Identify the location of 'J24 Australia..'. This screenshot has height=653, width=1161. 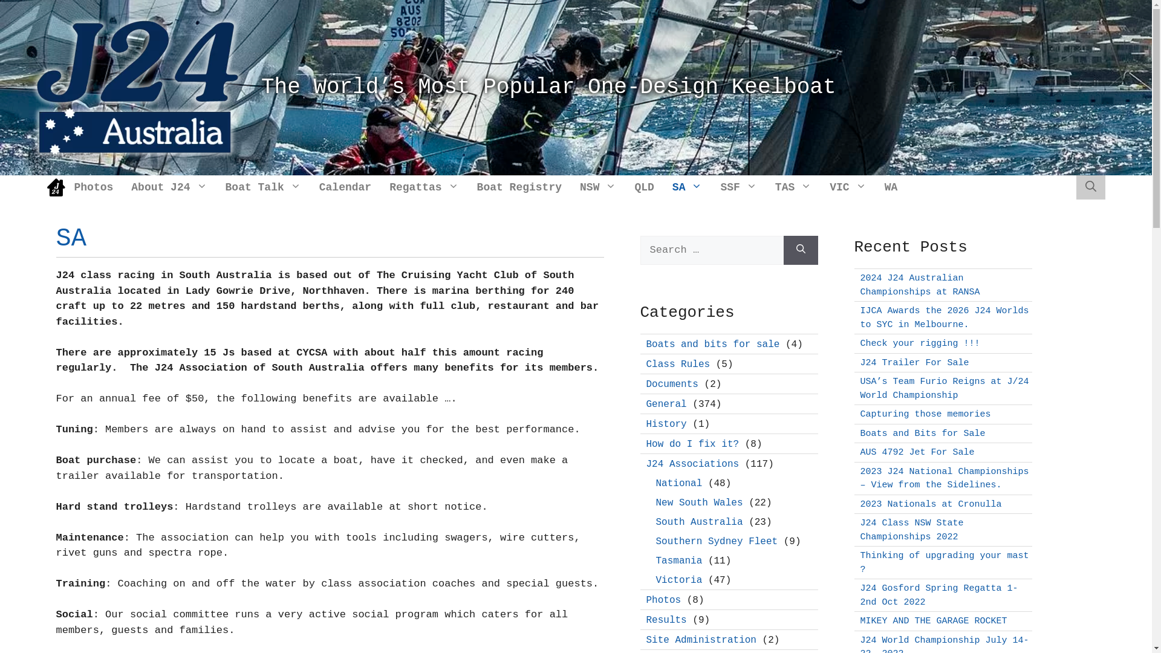
(137, 86).